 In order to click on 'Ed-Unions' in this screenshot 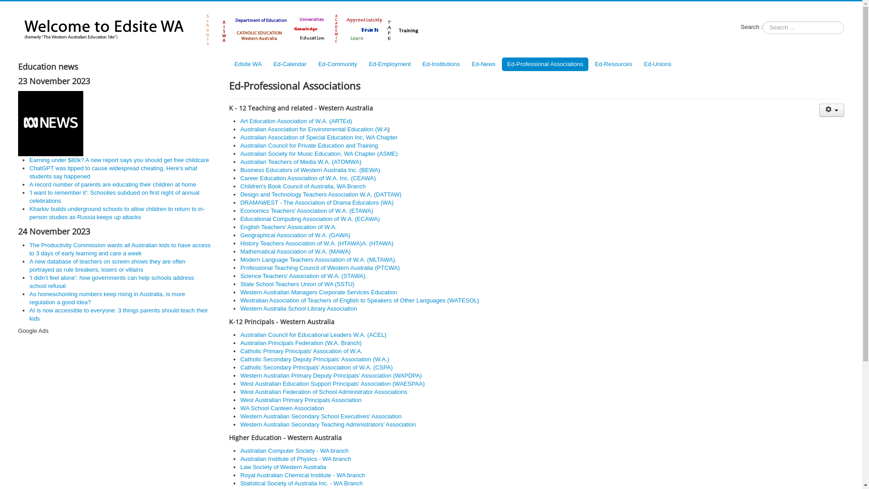, I will do `click(638, 64)`.